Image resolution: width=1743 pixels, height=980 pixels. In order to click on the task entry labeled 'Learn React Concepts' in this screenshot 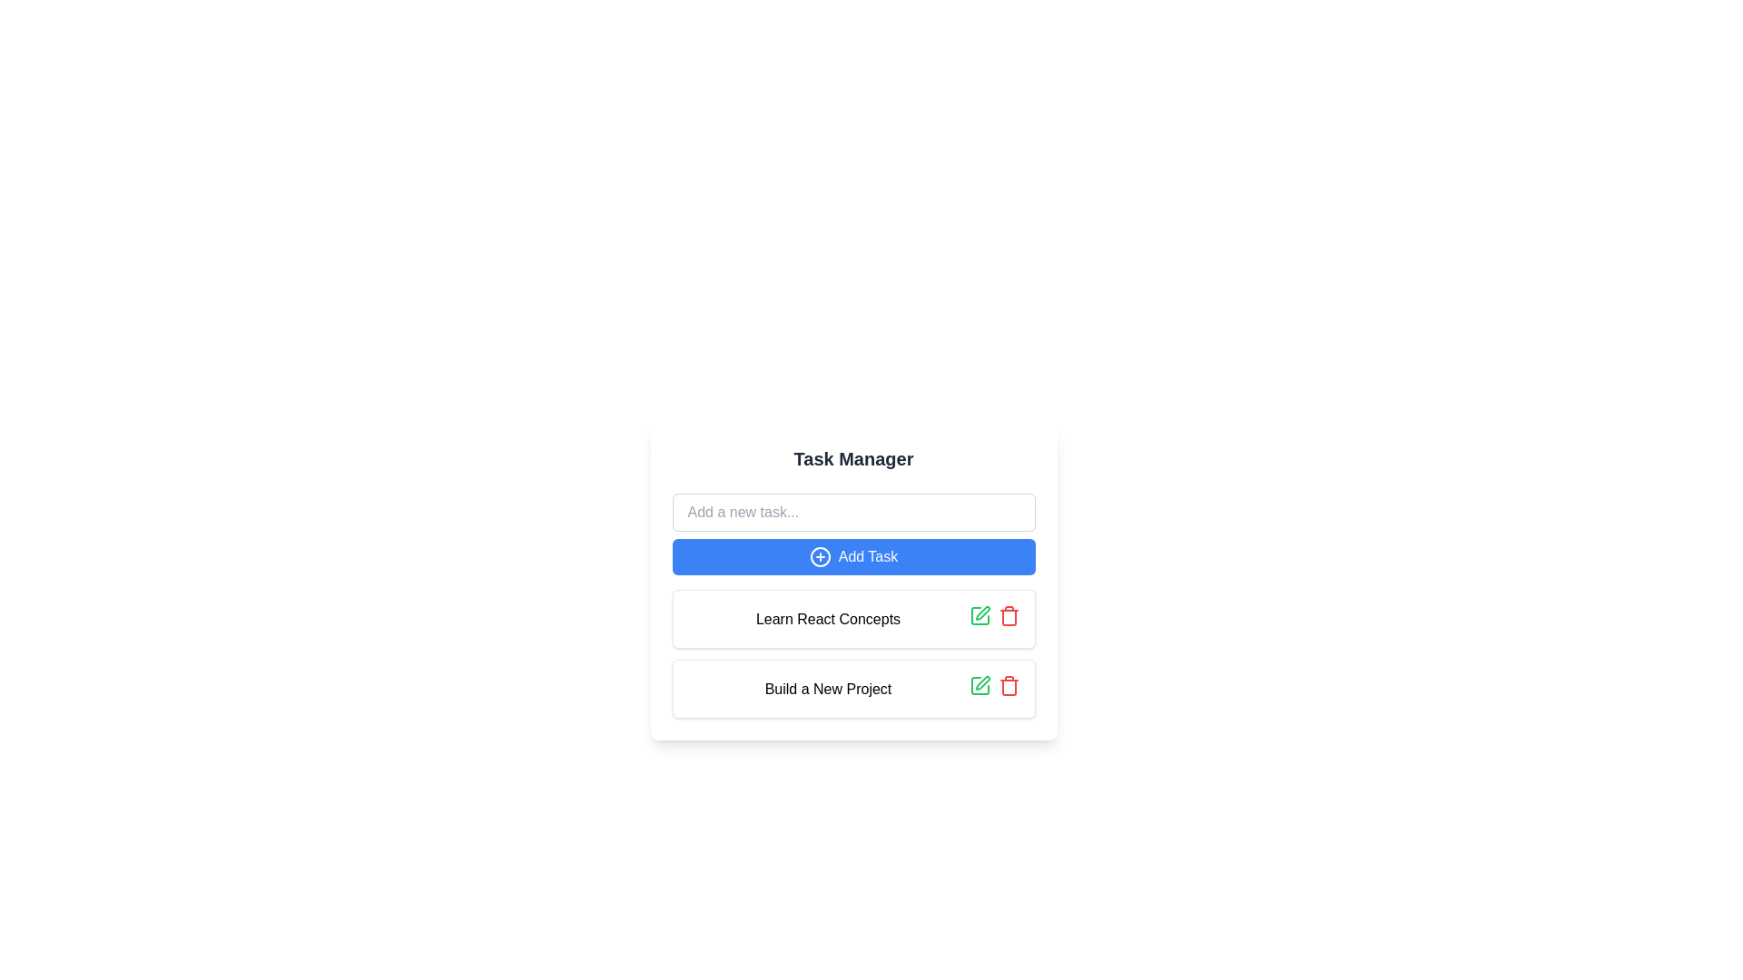, I will do `click(852, 618)`.